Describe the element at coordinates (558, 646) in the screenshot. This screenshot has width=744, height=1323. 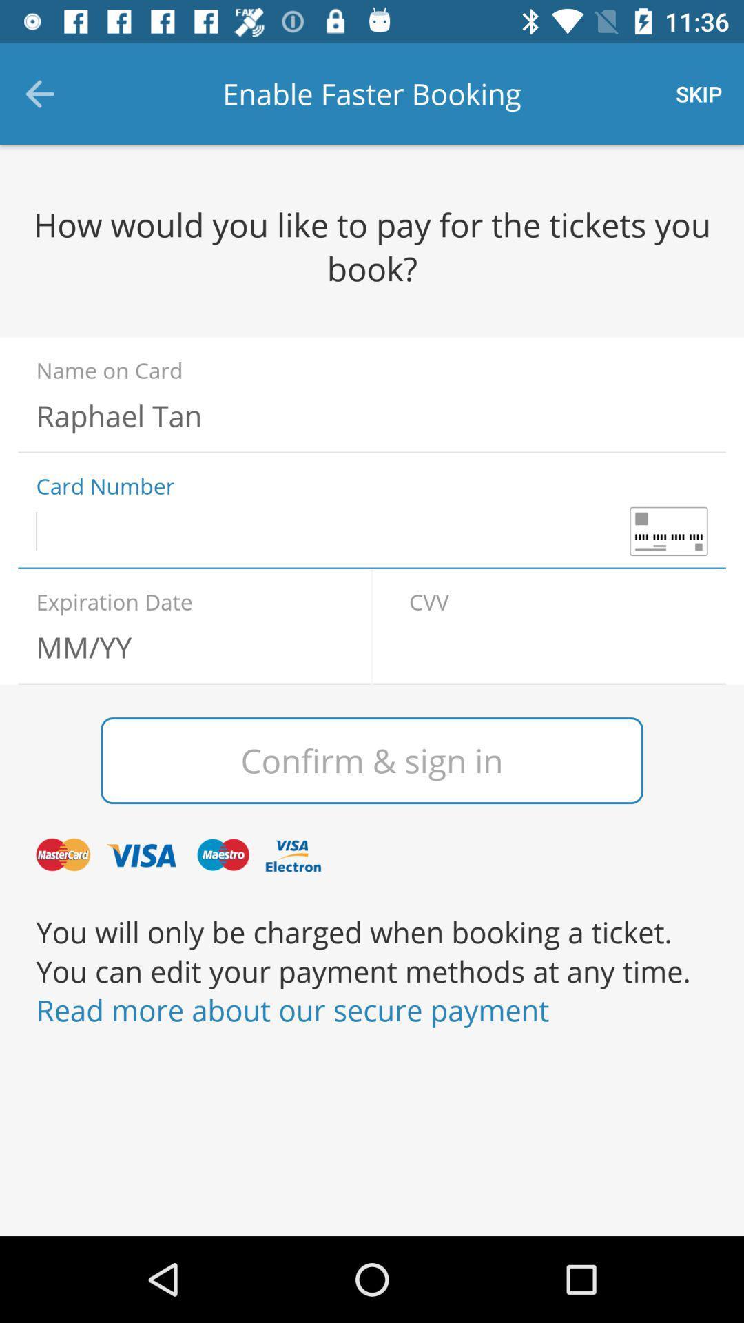
I see `cw number` at that location.